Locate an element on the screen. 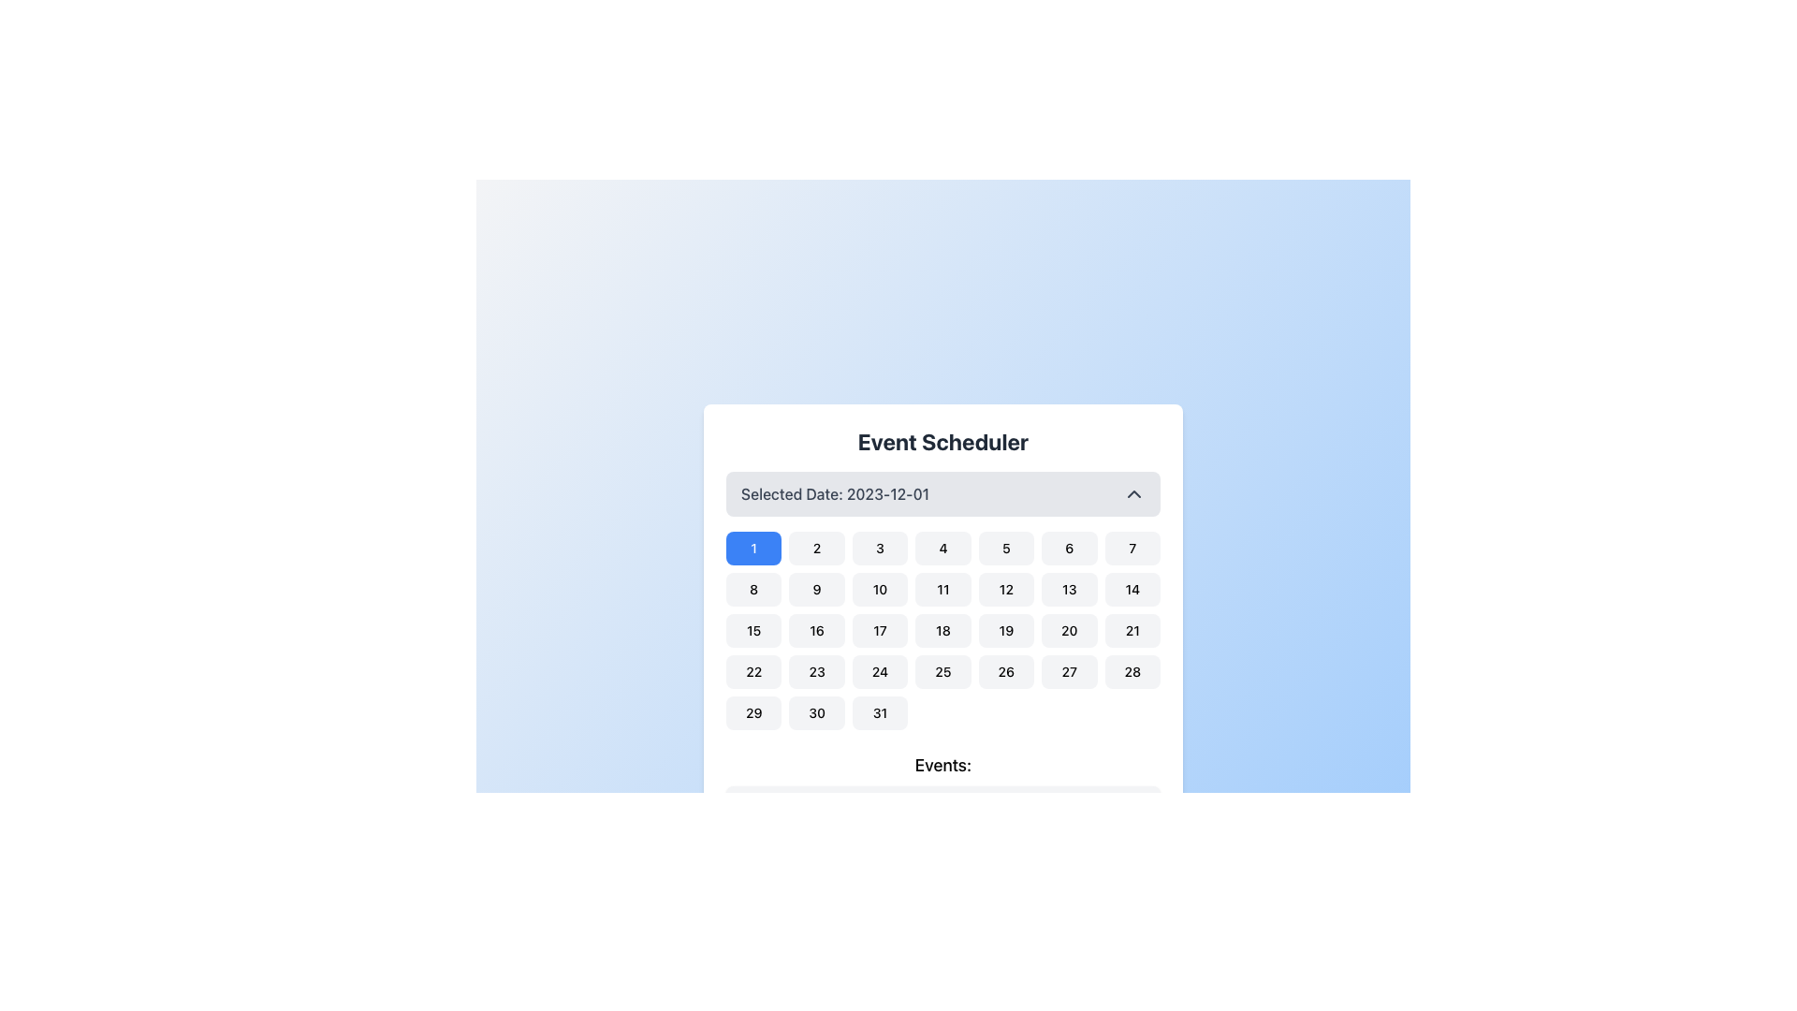 The height and width of the screenshot is (1011, 1797). the rounded rectangular button with a light gray background and a black numeral '12' in the center is located at coordinates (1005, 588).